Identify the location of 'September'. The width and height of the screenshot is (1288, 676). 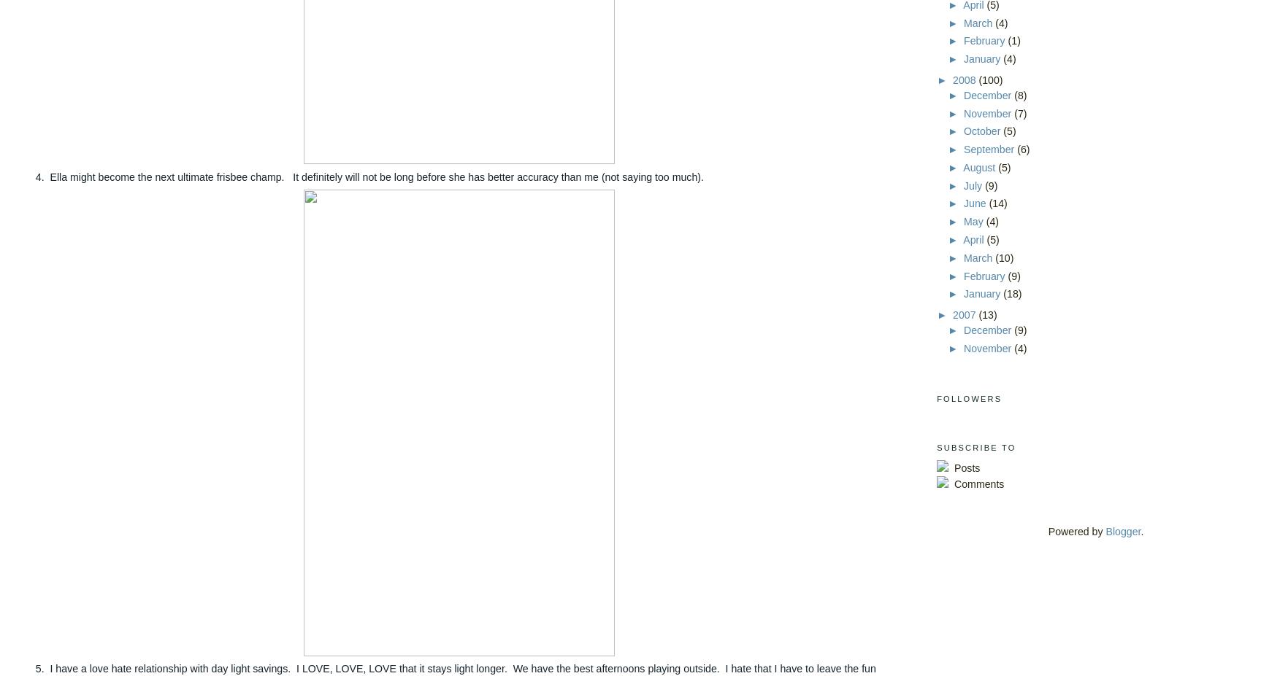
(964, 149).